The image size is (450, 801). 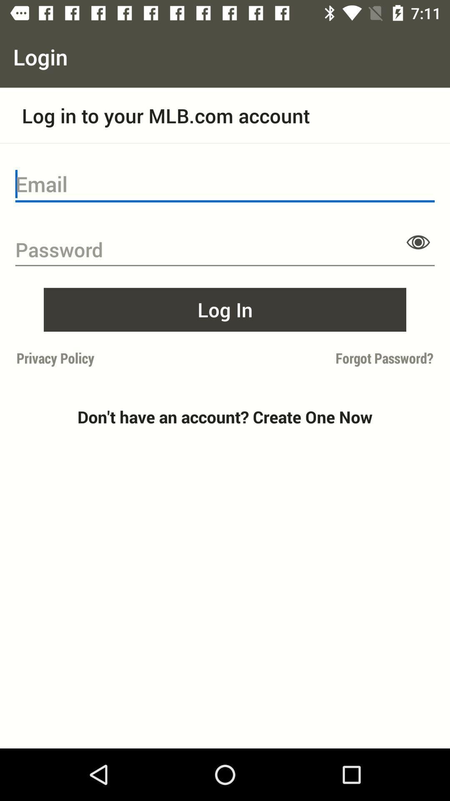 I want to click on show password, so click(x=418, y=242).